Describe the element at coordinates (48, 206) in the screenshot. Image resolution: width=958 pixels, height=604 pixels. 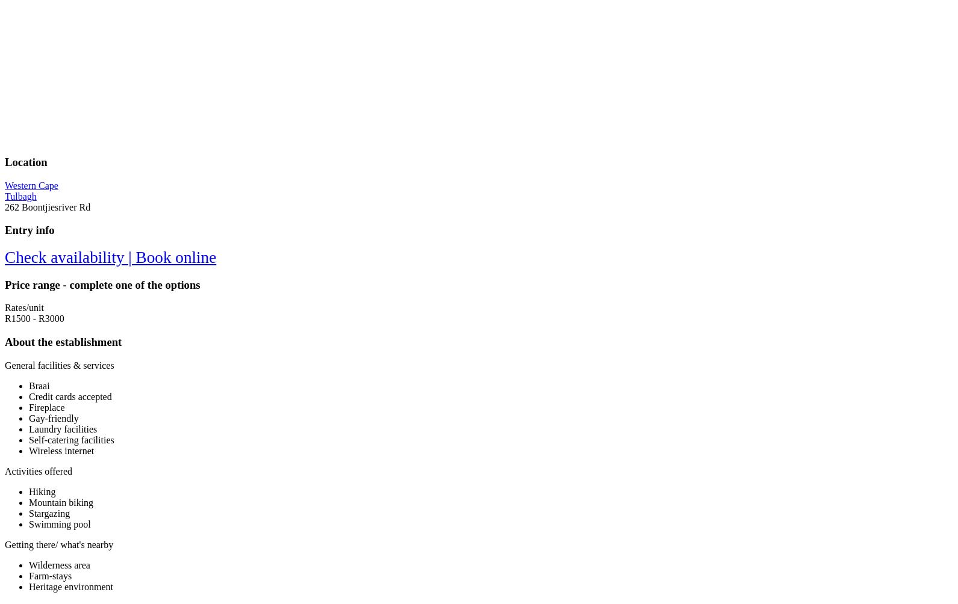
I see `'262 Boontjiesriver Rd'` at that location.